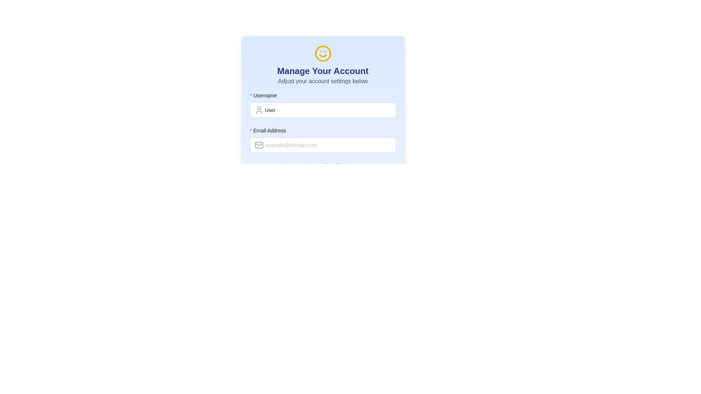  Describe the element at coordinates (259, 145) in the screenshot. I see `the SVG rectangle component that forms the body of the envelope icon, which indicates email-related functionality, located to the left of the email input field` at that location.